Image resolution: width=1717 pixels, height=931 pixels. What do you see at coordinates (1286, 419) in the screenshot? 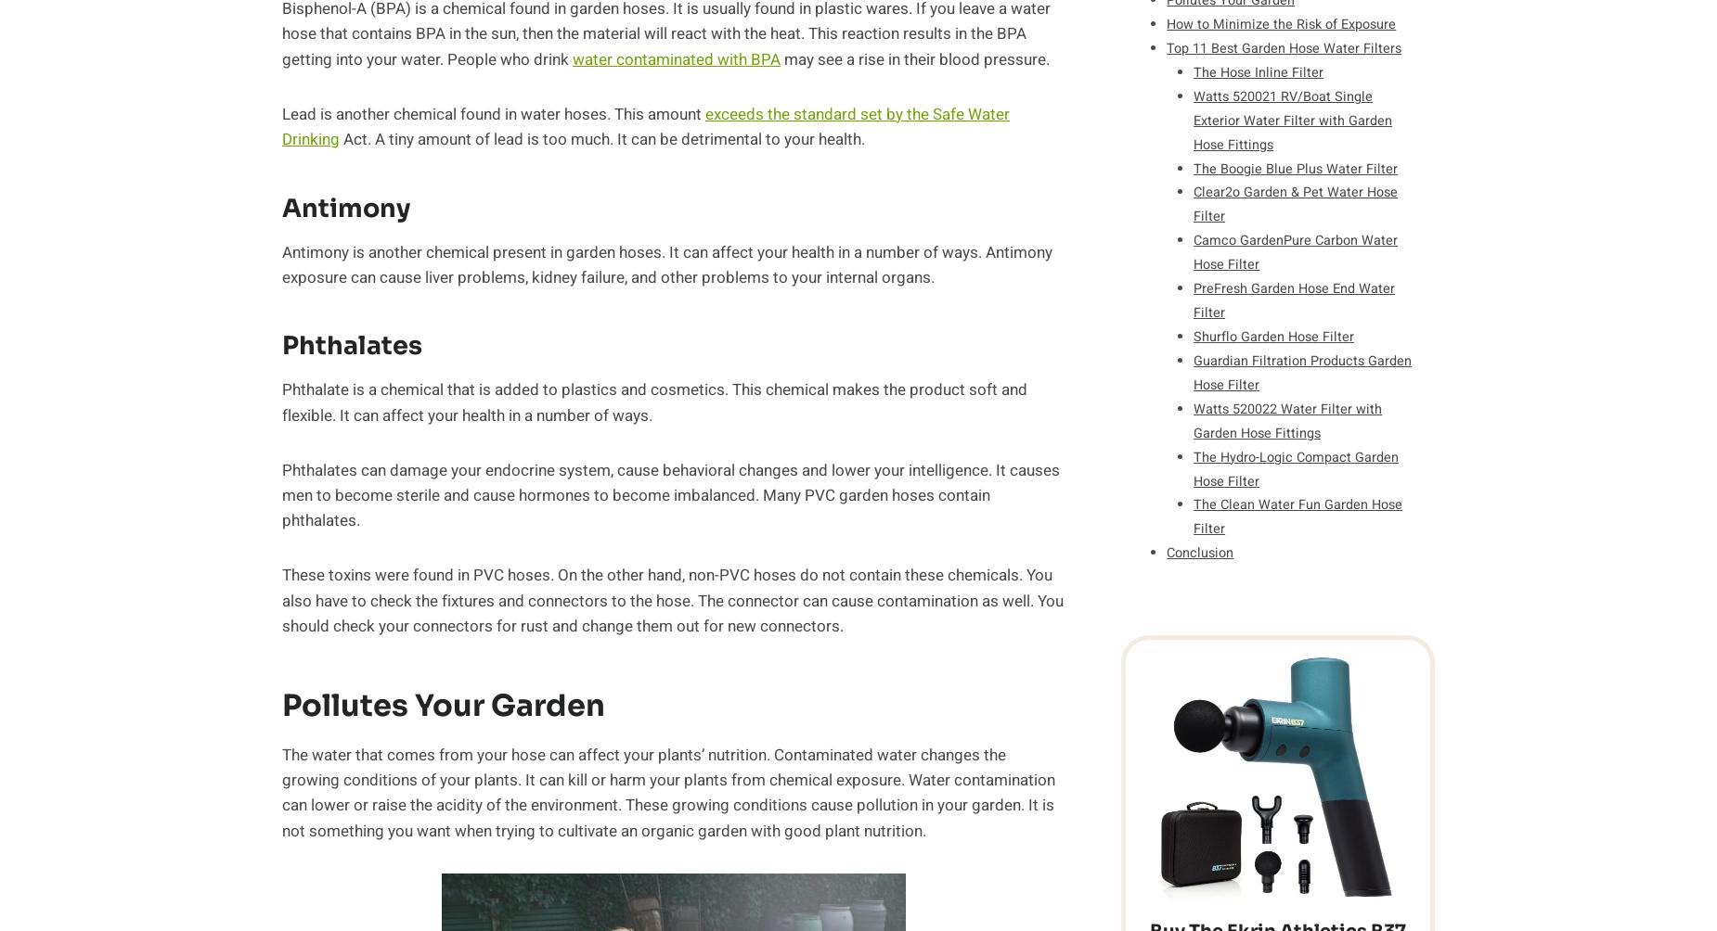
I see `'Watts 520022 Water Filter with Garden Hose Fittings'` at bounding box center [1286, 419].